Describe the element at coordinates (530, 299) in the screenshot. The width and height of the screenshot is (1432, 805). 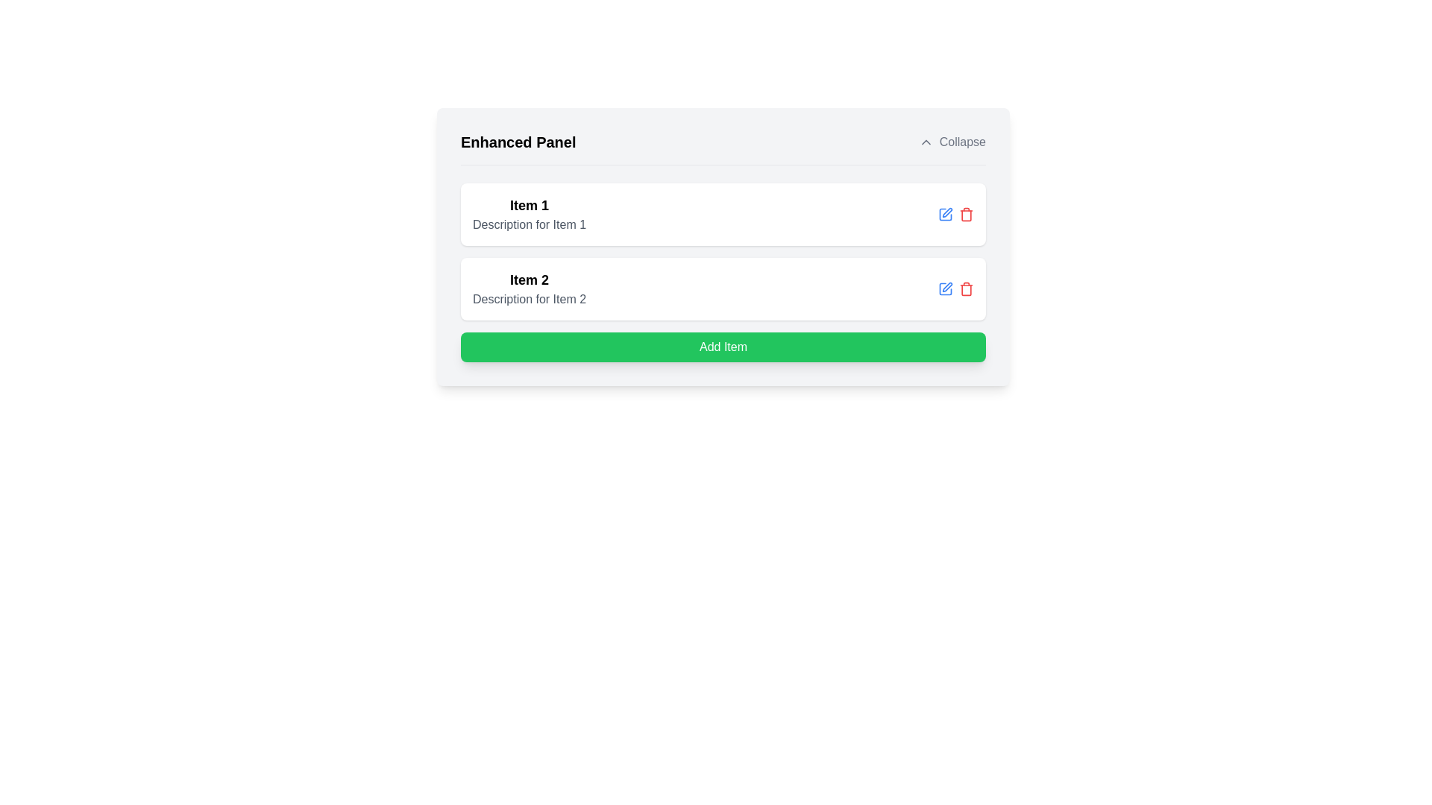
I see `the text block displaying 'Description for Item 2', which is styled in gray and positioned below the title 'Item 2'` at that location.